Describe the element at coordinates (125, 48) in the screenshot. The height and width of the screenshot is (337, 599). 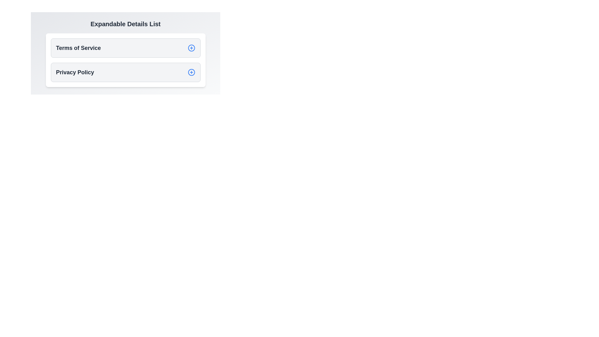
I see `the first expandable list item labeled 'Terms of Service'` at that location.